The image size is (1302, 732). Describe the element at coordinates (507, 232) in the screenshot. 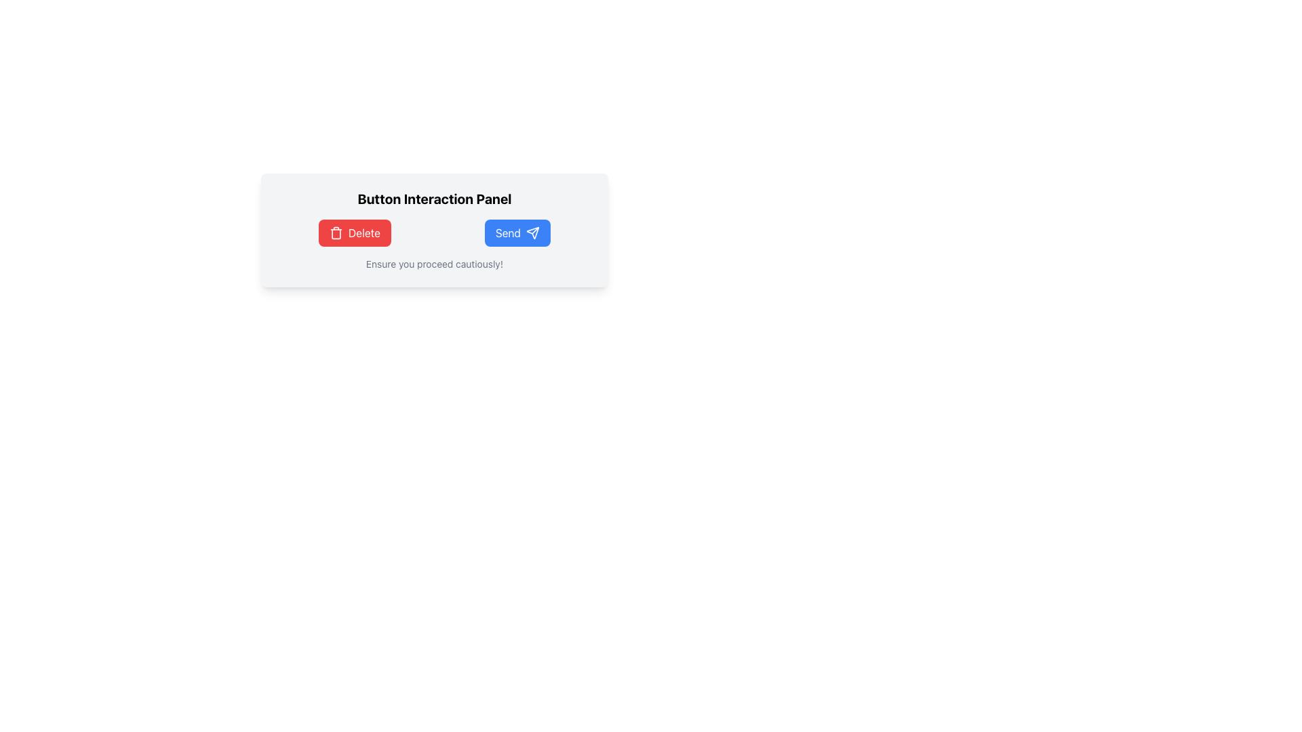

I see `the text 'Send' within the button, which is styled with white text on a blue background, located to the right of the 'Delete' button` at that location.